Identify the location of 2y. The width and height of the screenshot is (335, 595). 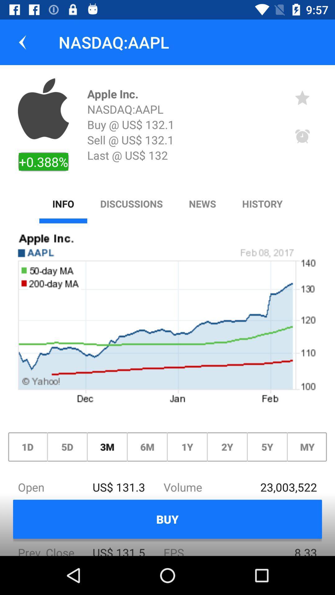
(227, 447).